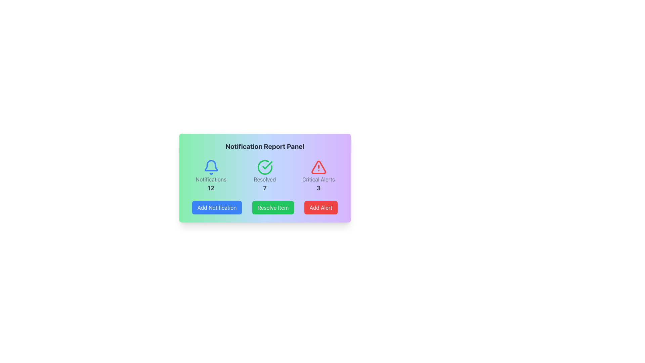  What do you see at coordinates (264, 188) in the screenshot?
I see `the text label displaying the count of resolved items in the 'Resolved' category, located beneath a green checkmark icon and above the 'Resolve Item' button` at bounding box center [264, 188].